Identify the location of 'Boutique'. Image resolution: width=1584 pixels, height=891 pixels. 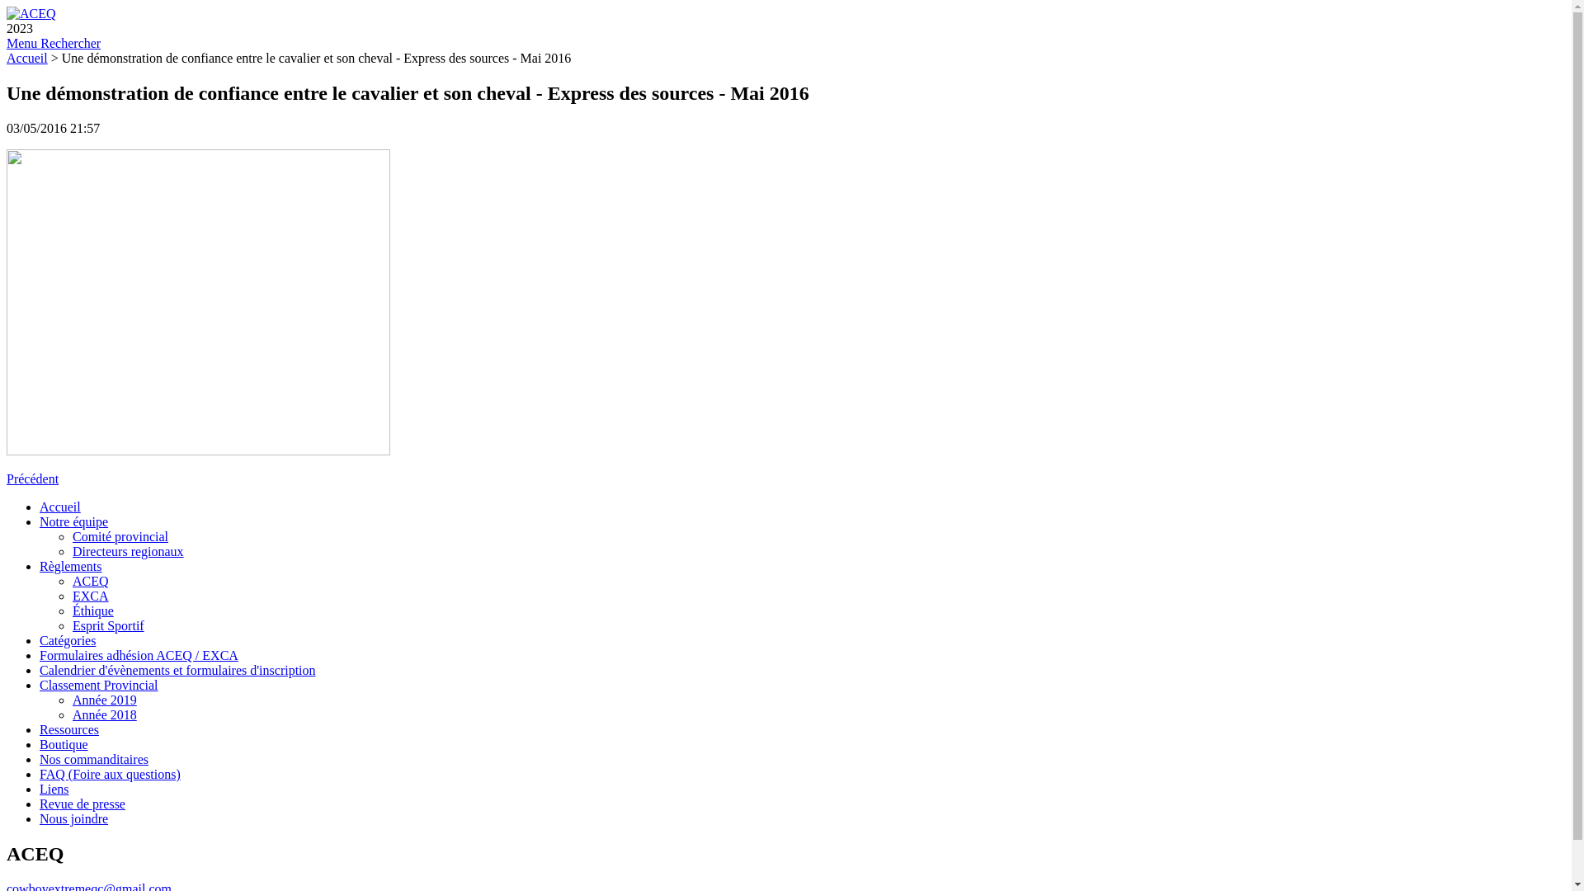
(64, 744).